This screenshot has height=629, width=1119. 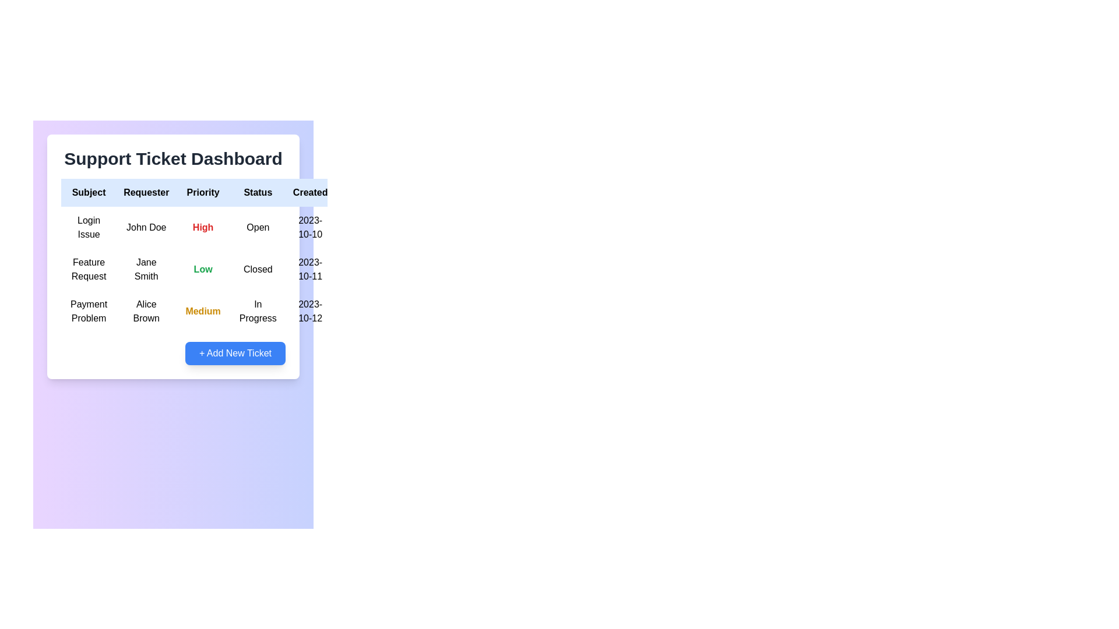 What do you see at coordinates (88, 227) in the screenshot?
I see `the 'Login Issue' text label located in the first row and first column of the table under the 'Subject' header` at bounding box center [88, 227].